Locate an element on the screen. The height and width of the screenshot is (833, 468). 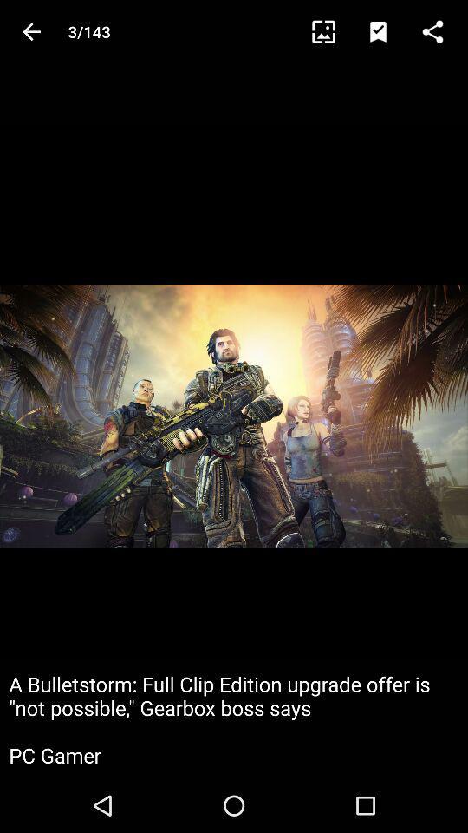
the icon at the bottom is located at coordinates (234, 719).